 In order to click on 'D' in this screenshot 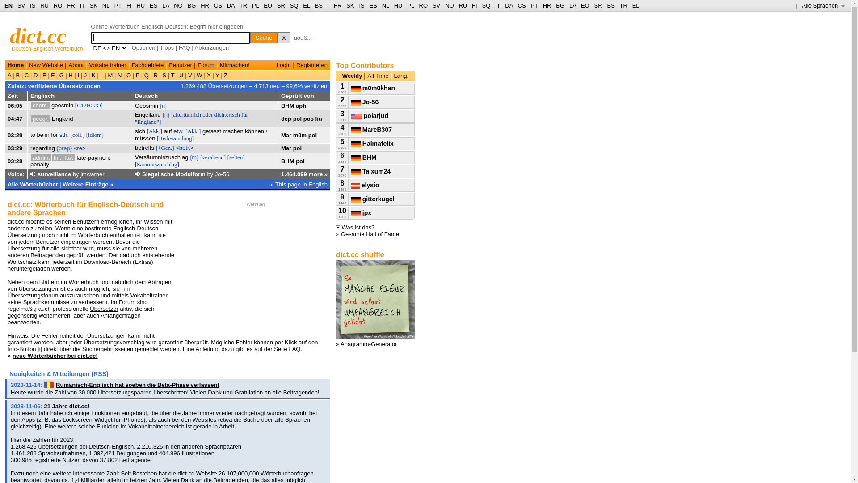, I will do `click(35, 75)`.